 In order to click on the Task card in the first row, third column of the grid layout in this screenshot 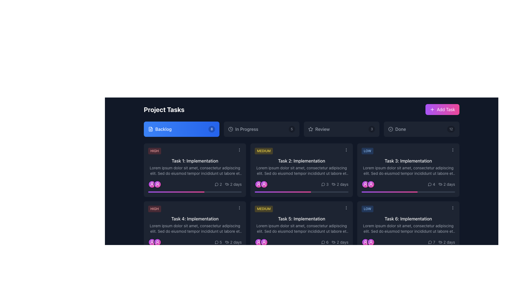, I will do `click(408, 170)`.